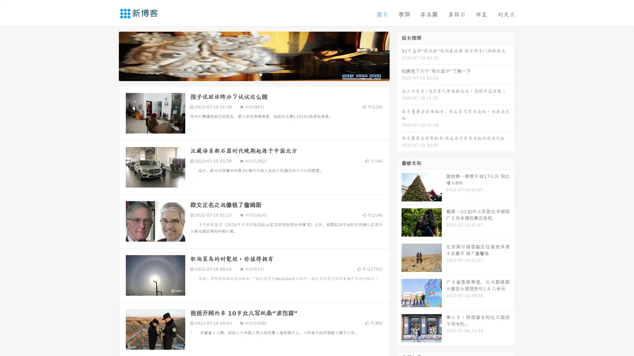 This screenshot has width=634, height=356. Describe the element at coordinates (261, 74) in the screenshot. I see `Go to slide 3` at that location.